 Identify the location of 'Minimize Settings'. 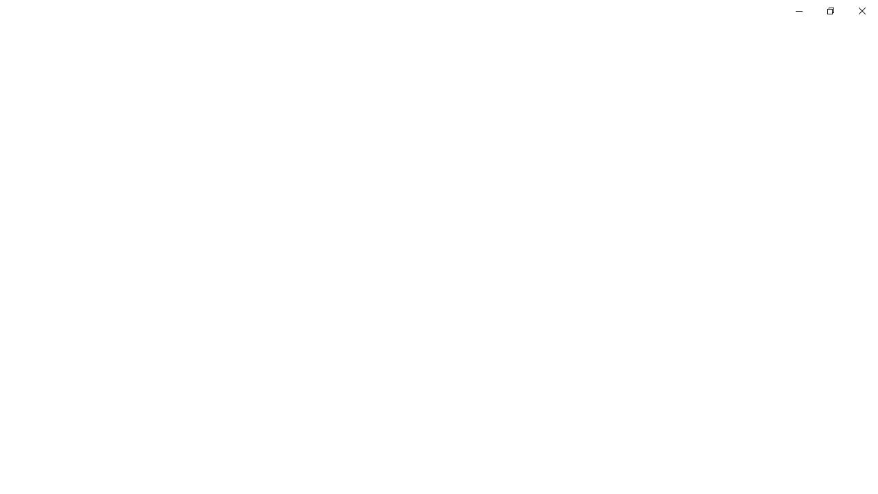
(798, 10).